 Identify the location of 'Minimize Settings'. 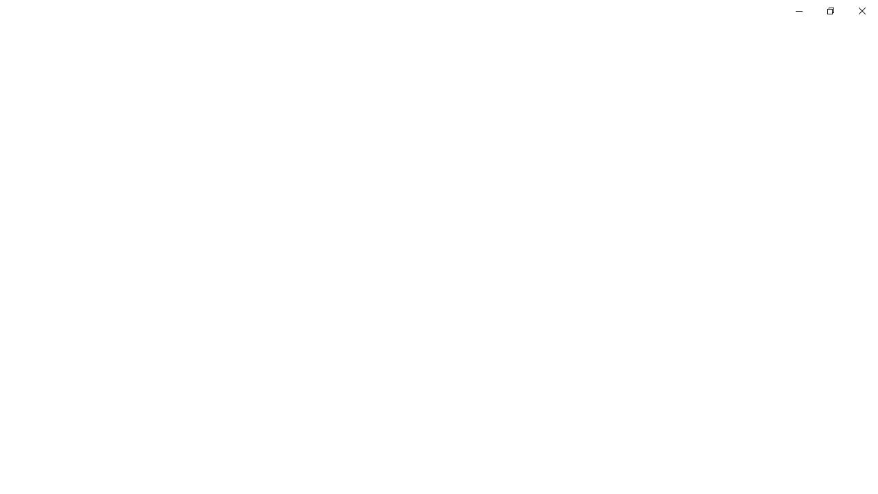
(798, 10).